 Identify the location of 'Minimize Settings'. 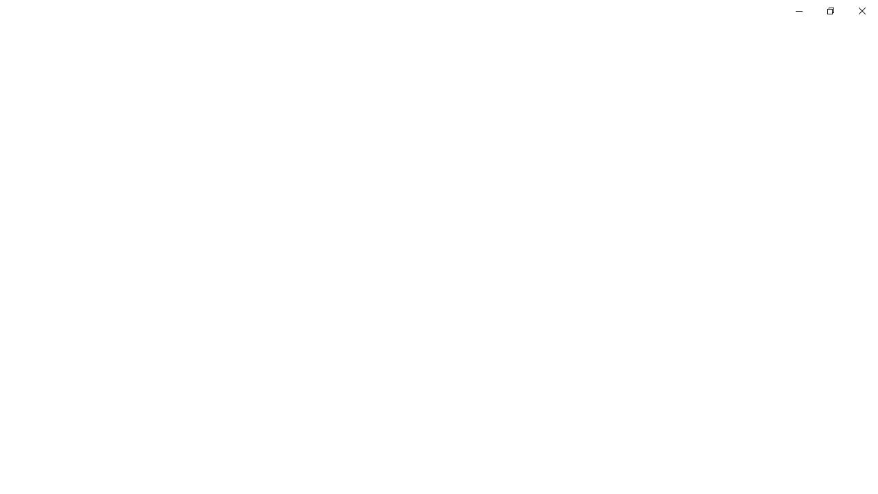
(798, 10).